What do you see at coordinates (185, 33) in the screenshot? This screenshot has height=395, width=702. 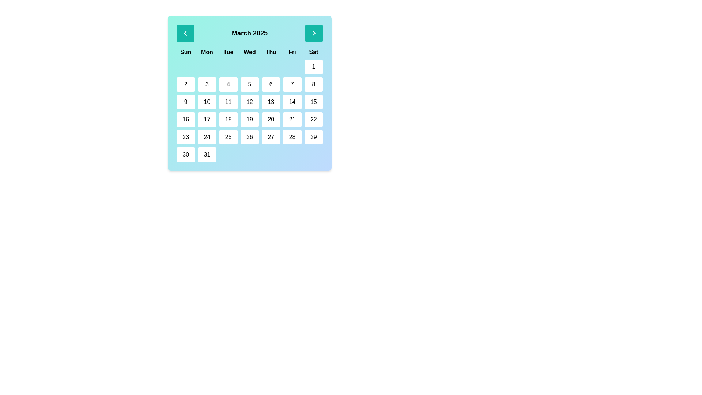 I see `the navigation button on the left side of the calendar header labeled 'March 2025'` at bounding box center [185, 33].